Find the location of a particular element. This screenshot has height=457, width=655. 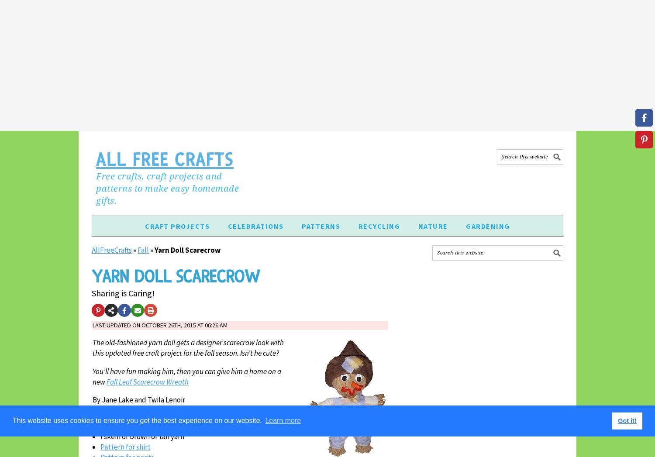

'Recycling' is located at coordinates (379, 225).